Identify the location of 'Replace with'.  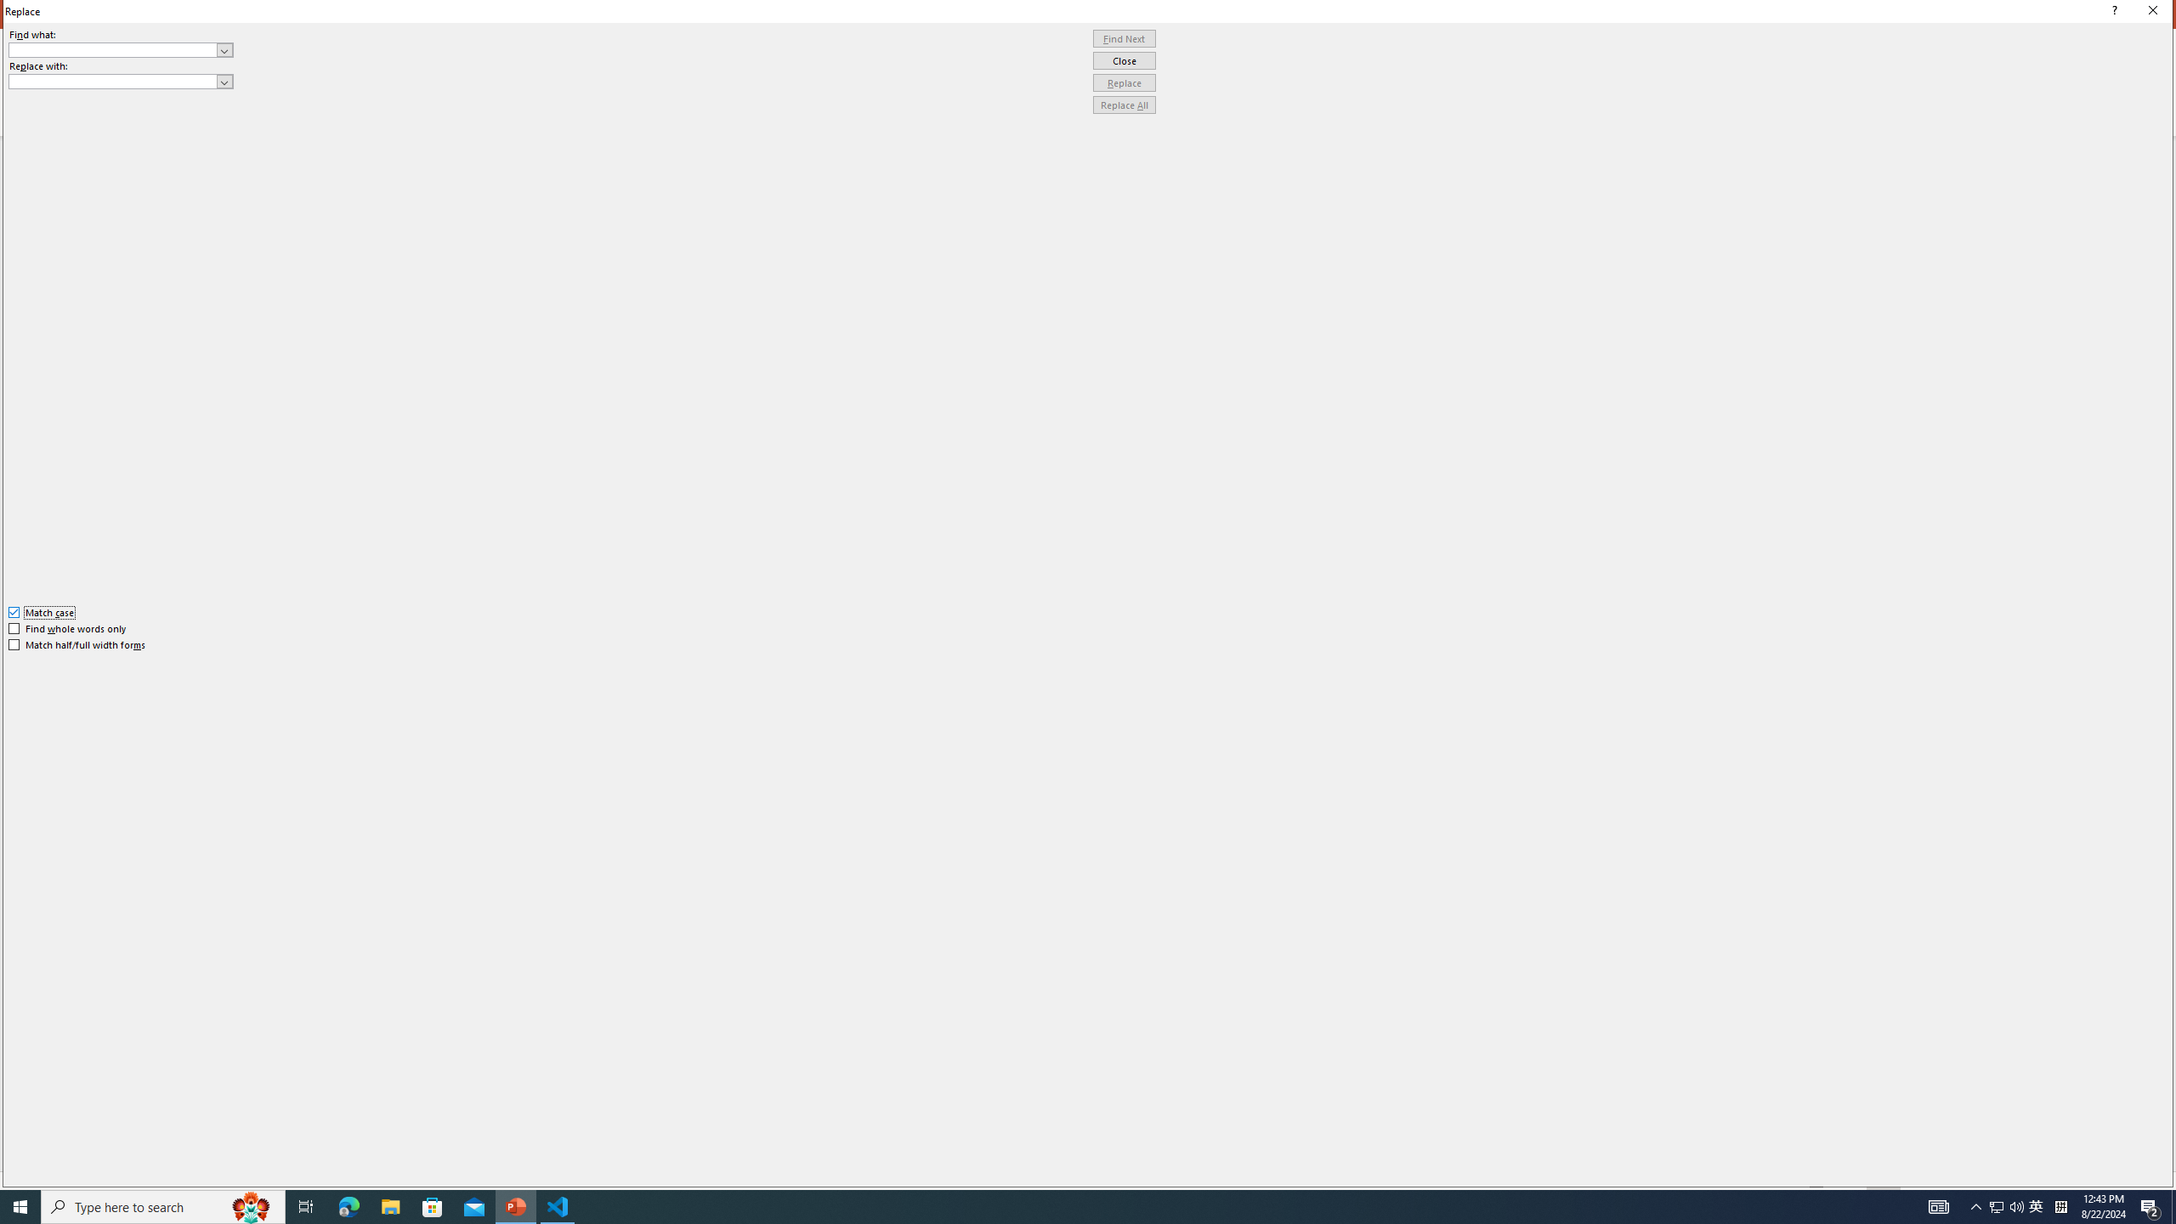
(113, 81).